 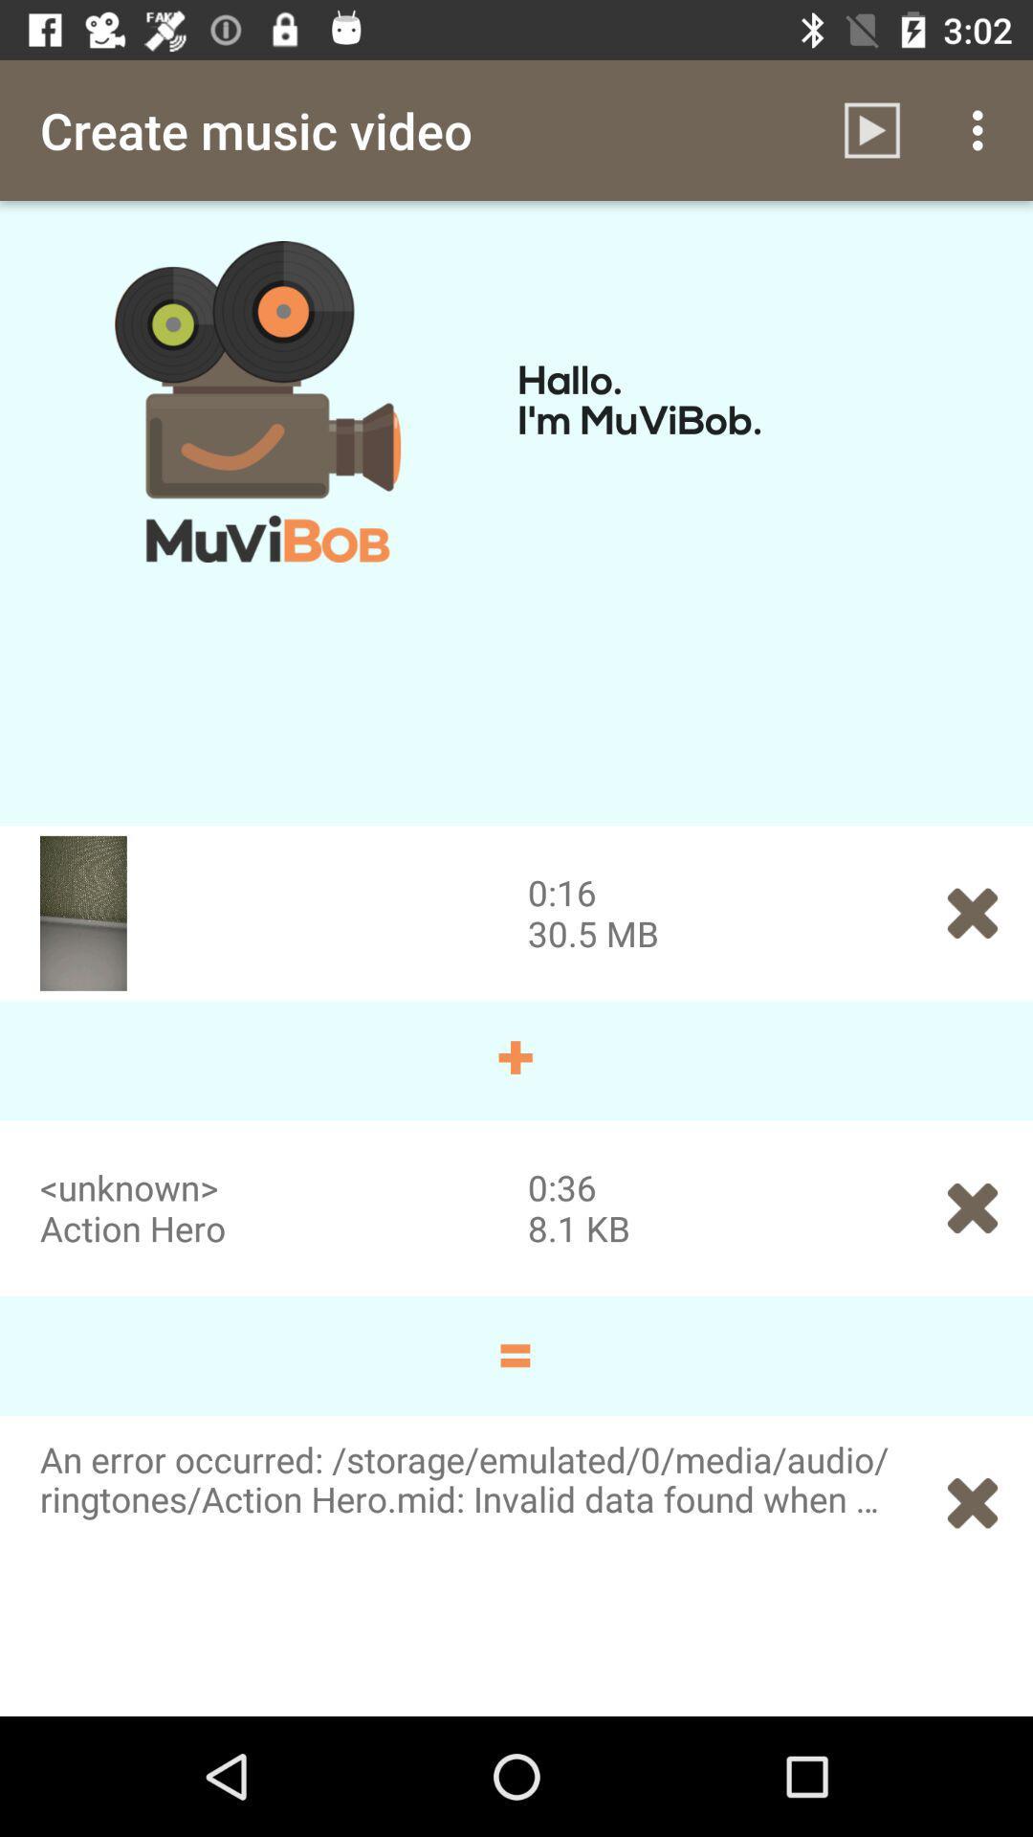 I want to click on the item next to create music video app, so click(x=871, y=129).